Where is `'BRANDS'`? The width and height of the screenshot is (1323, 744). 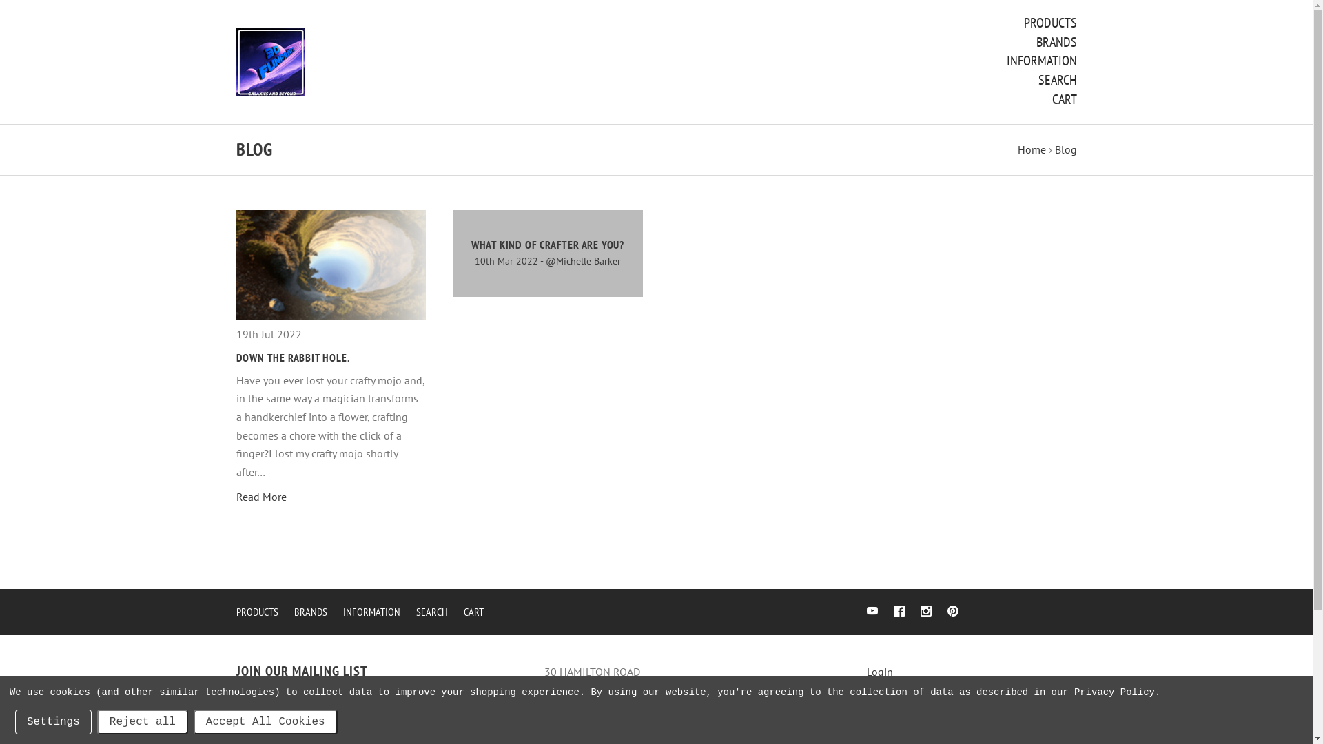 'BRANDS' is located at coordinates (1056, 41).